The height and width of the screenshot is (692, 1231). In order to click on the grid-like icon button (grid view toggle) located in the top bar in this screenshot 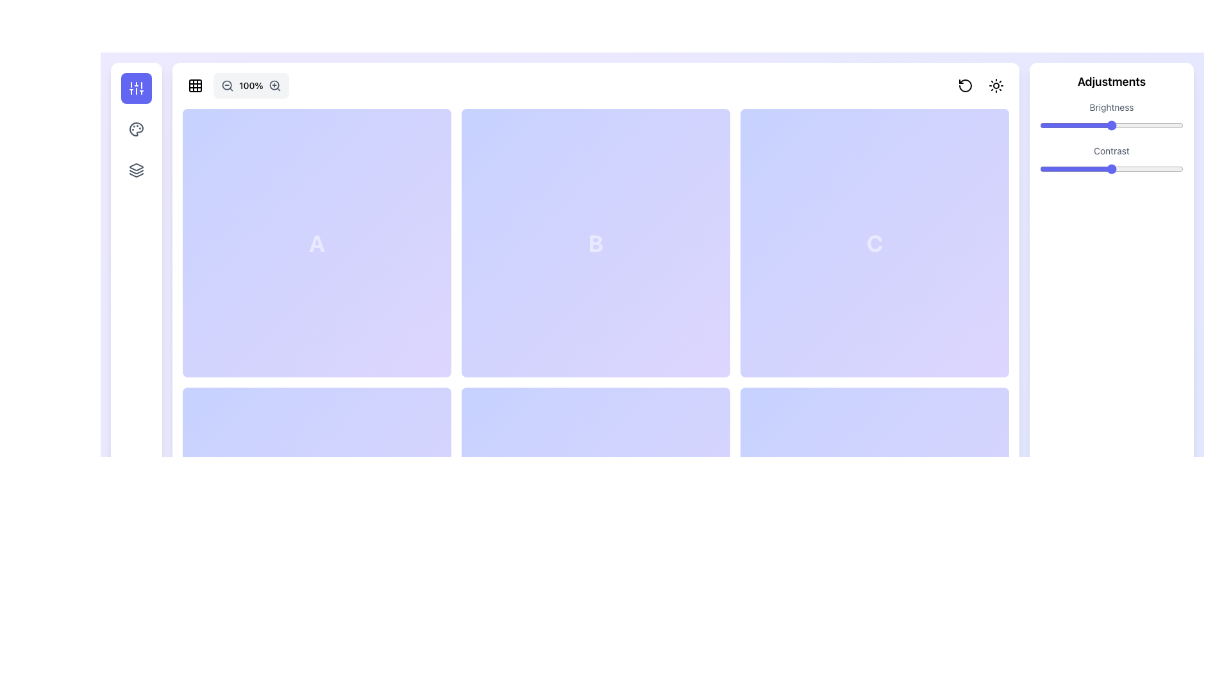, I will do `click(195, 86)`.